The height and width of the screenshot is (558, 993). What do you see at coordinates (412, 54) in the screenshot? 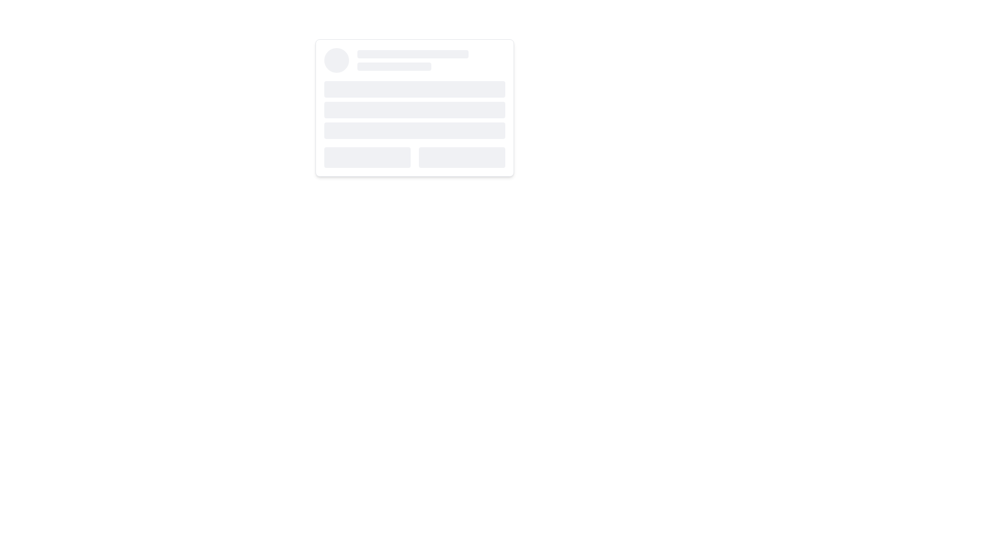
I see `the first Skeleton placeholder element located at the top-left corner of the interface` at bounding box center [412, 54].